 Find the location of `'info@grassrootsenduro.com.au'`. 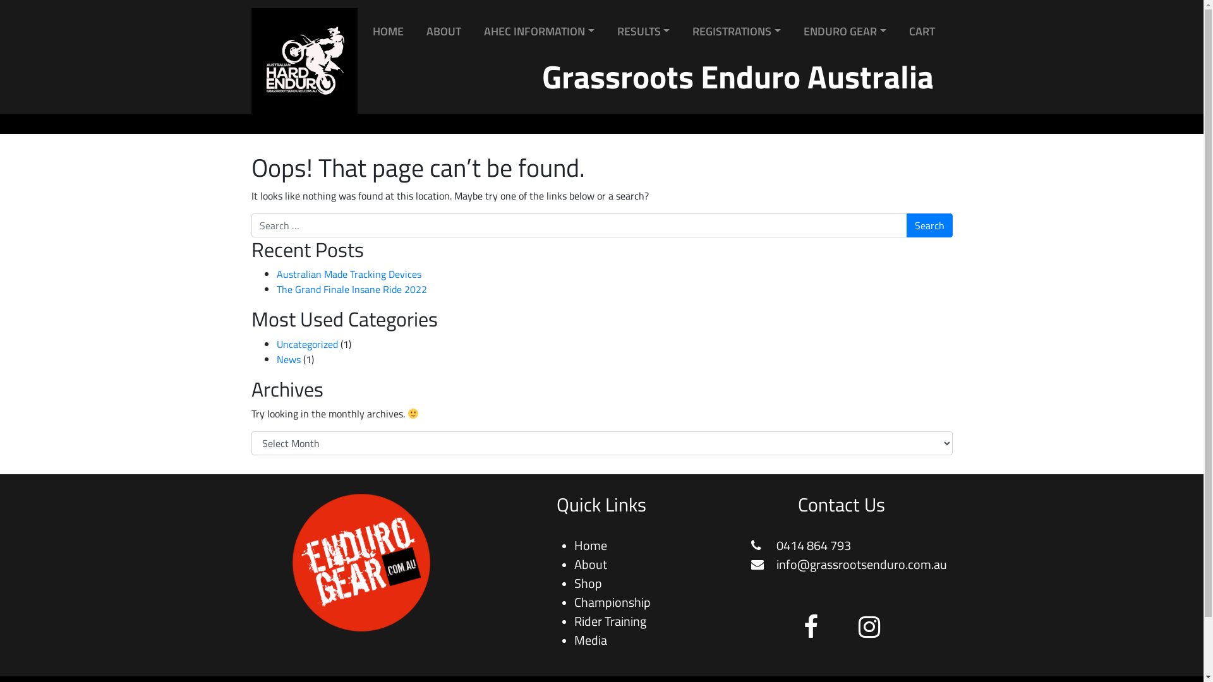

'info@grassrootsenduro.com.au' is located at coordinates (849, 563).